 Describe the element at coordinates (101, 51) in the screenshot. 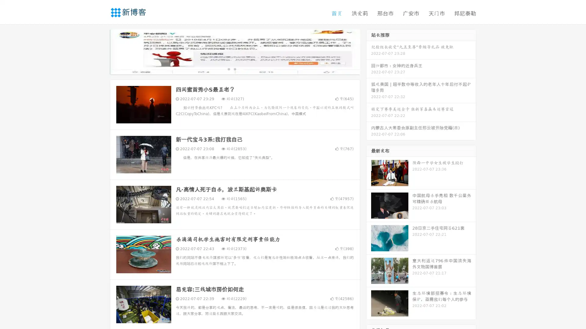

I see `Previous slide` at that location.